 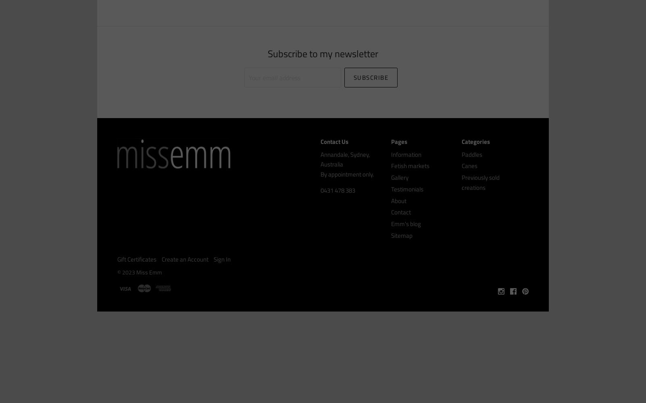 I want to click on 'Miss Emm', so click(x=149, y=272).